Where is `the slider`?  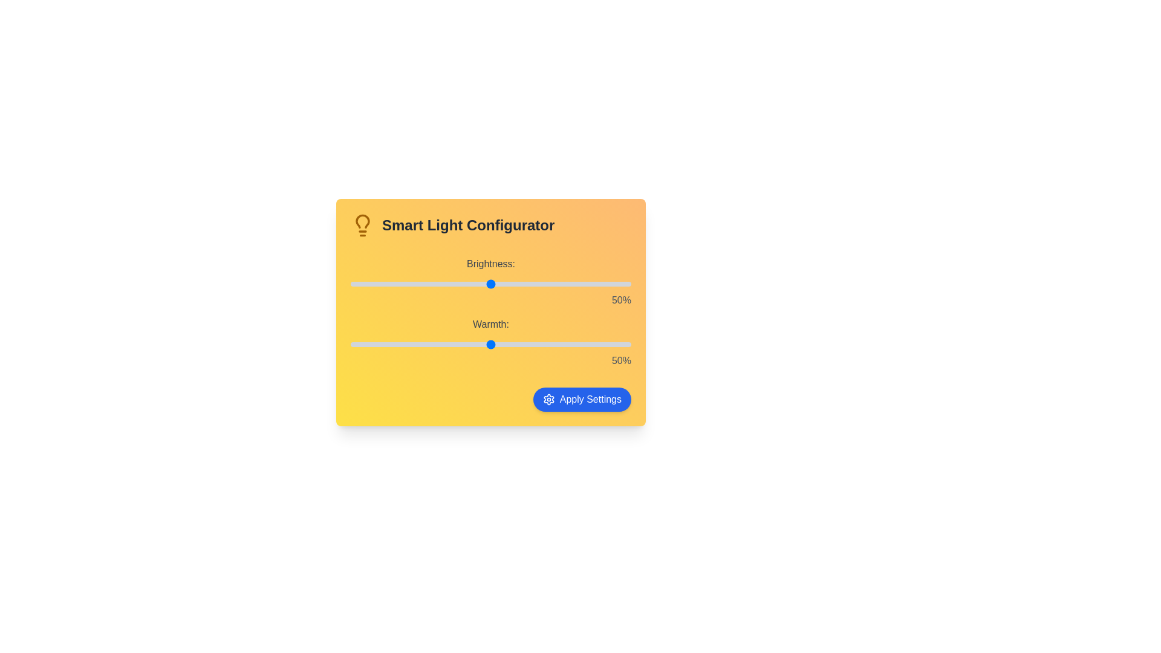 the slider is located at coordinates (597, 345).